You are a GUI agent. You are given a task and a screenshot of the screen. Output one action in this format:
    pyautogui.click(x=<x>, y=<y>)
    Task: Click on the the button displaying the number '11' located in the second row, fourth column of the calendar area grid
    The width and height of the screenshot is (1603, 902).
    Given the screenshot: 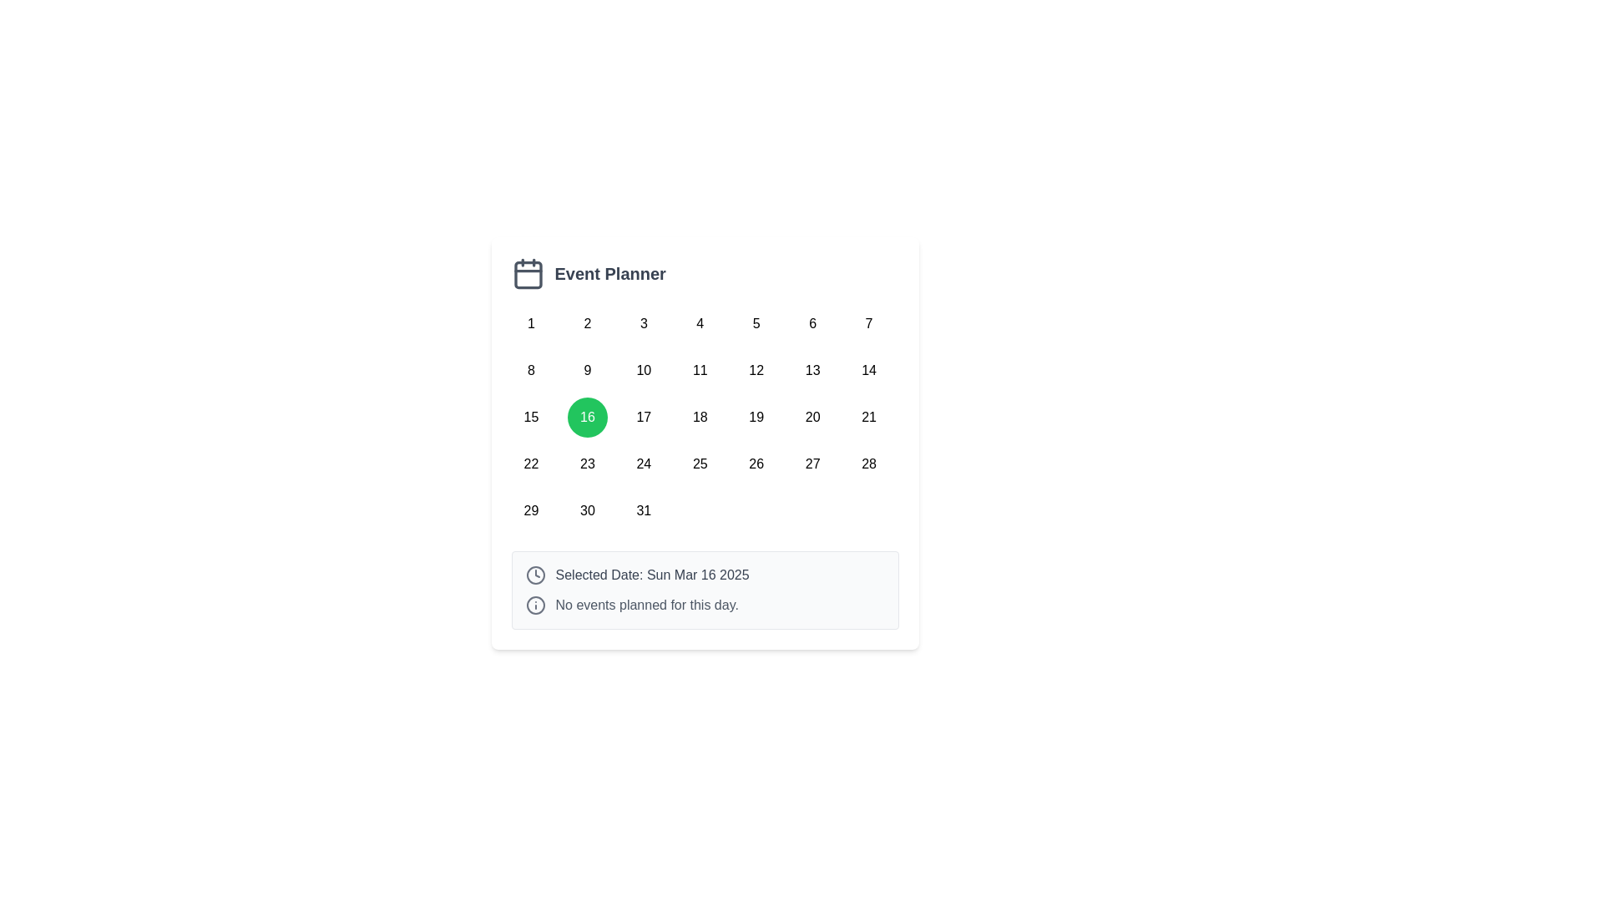 What is the action you would take?
    pyautogui.click(x=700, y=369)
    